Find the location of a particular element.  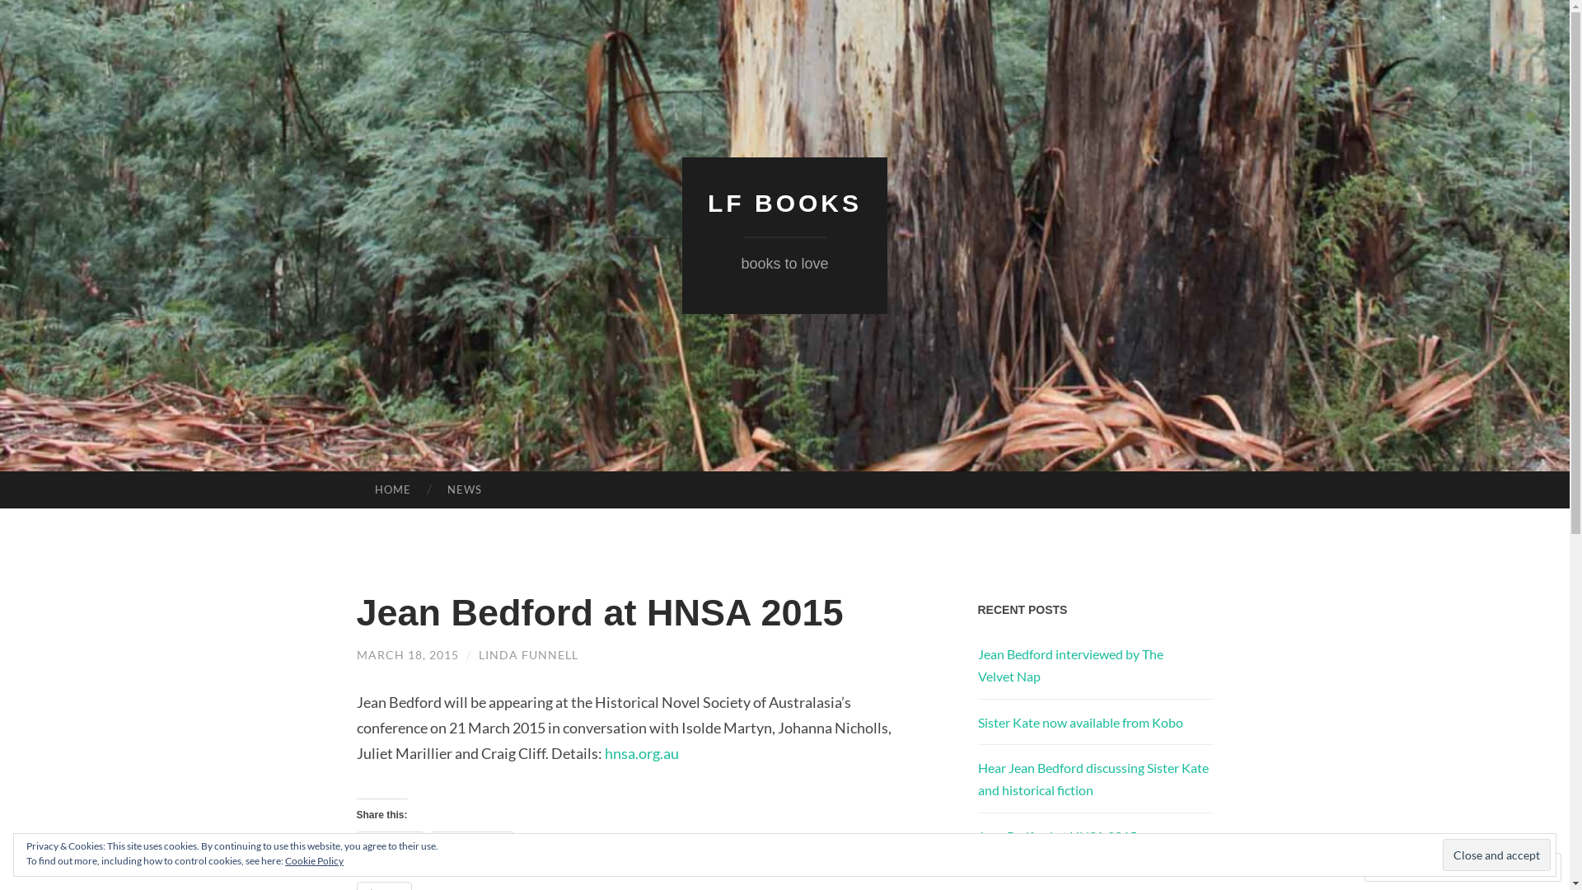

'hnsa.org.au' is located at coordinates (640, 753).